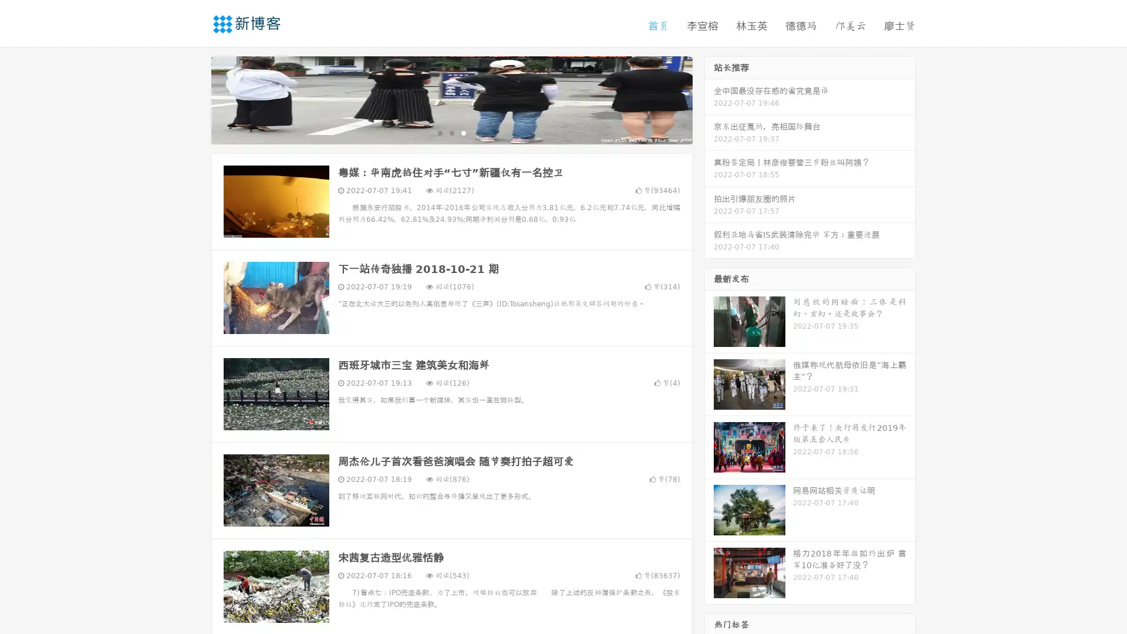 The height and width of the screenshot is (634, 1127). Describe the element at coordinates (709, 99) in the screenshot. I see `Next slide` at that location.